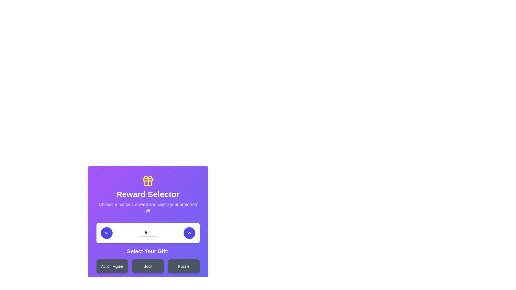  I want to click on the 'Puzzle' button located at the bottom of the 'Reward Selector' card, so click(184, 266).